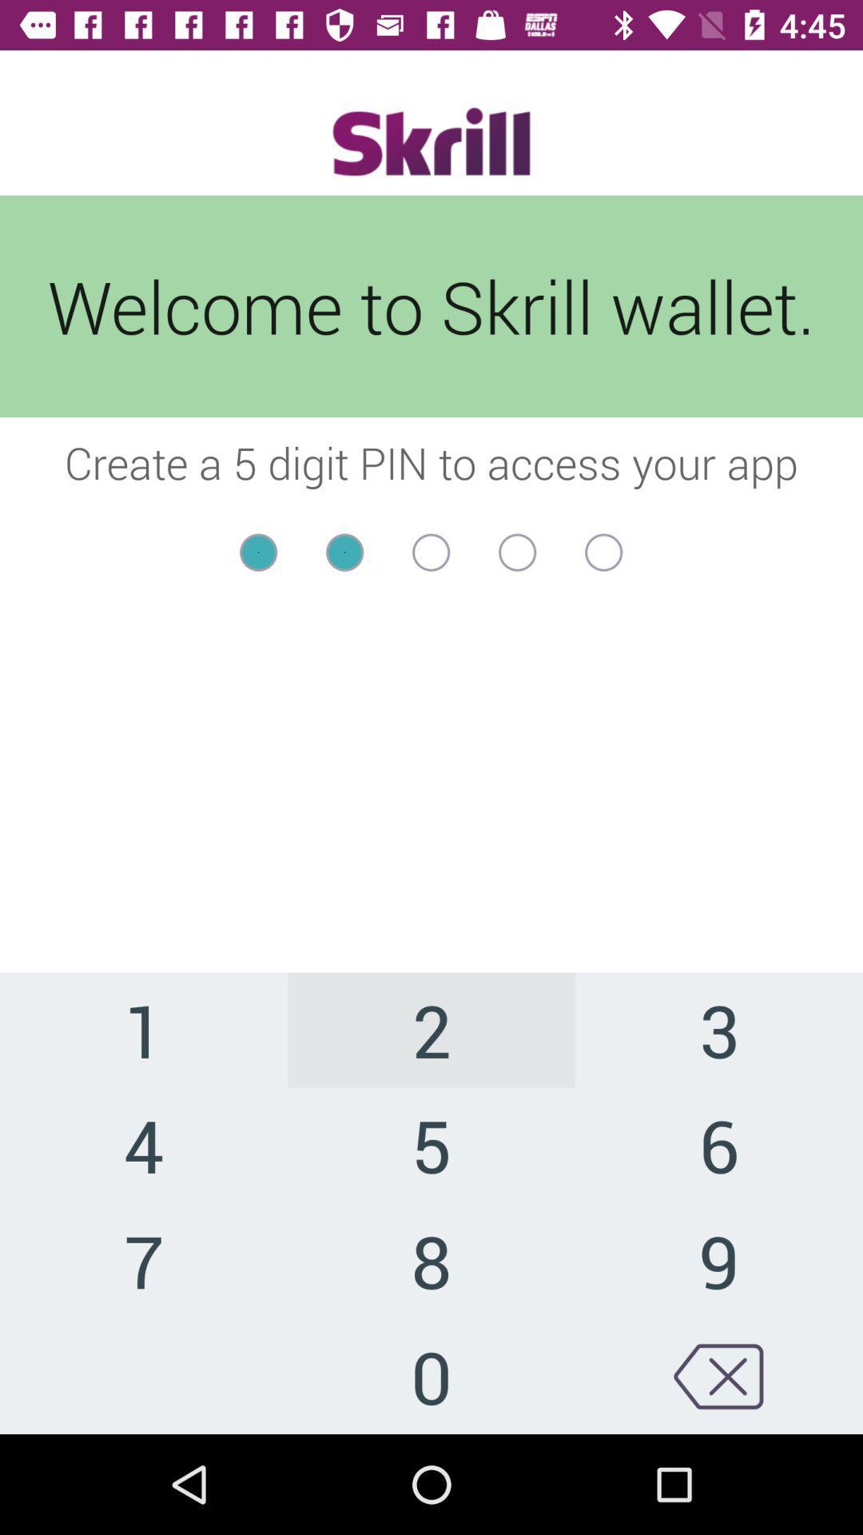 Image resolution: width=863 pixels, height=1535 pixels. Describe the element at coordinates (431, 1375) in the screenshot. I see `the icon to the right of 7` at that location.